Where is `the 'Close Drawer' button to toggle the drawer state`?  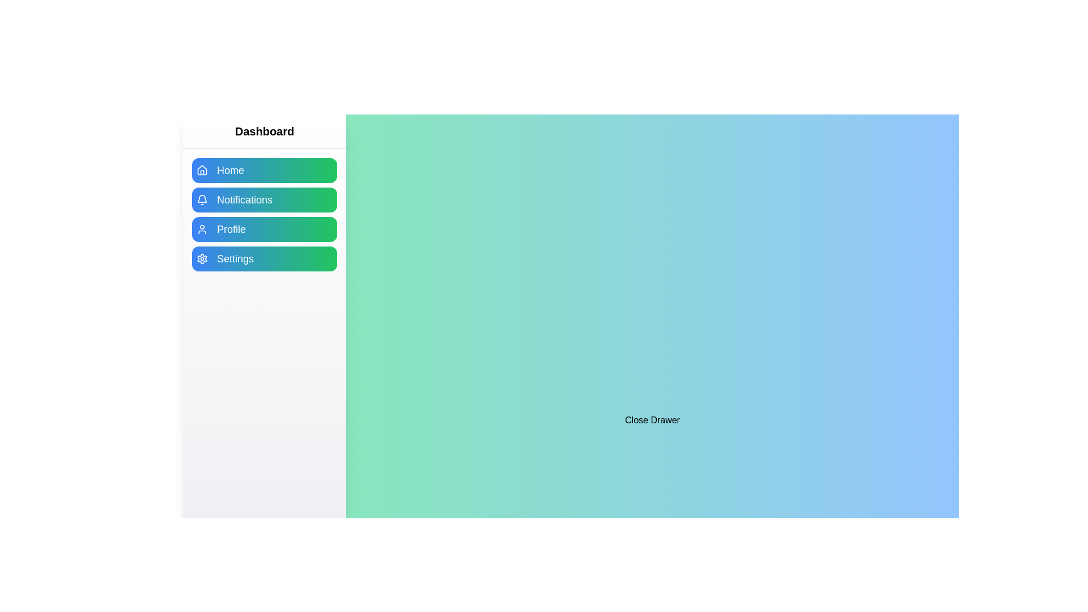 the 'Close Drawer' button to toggle the drawer state is located at coordinates (652, 420).